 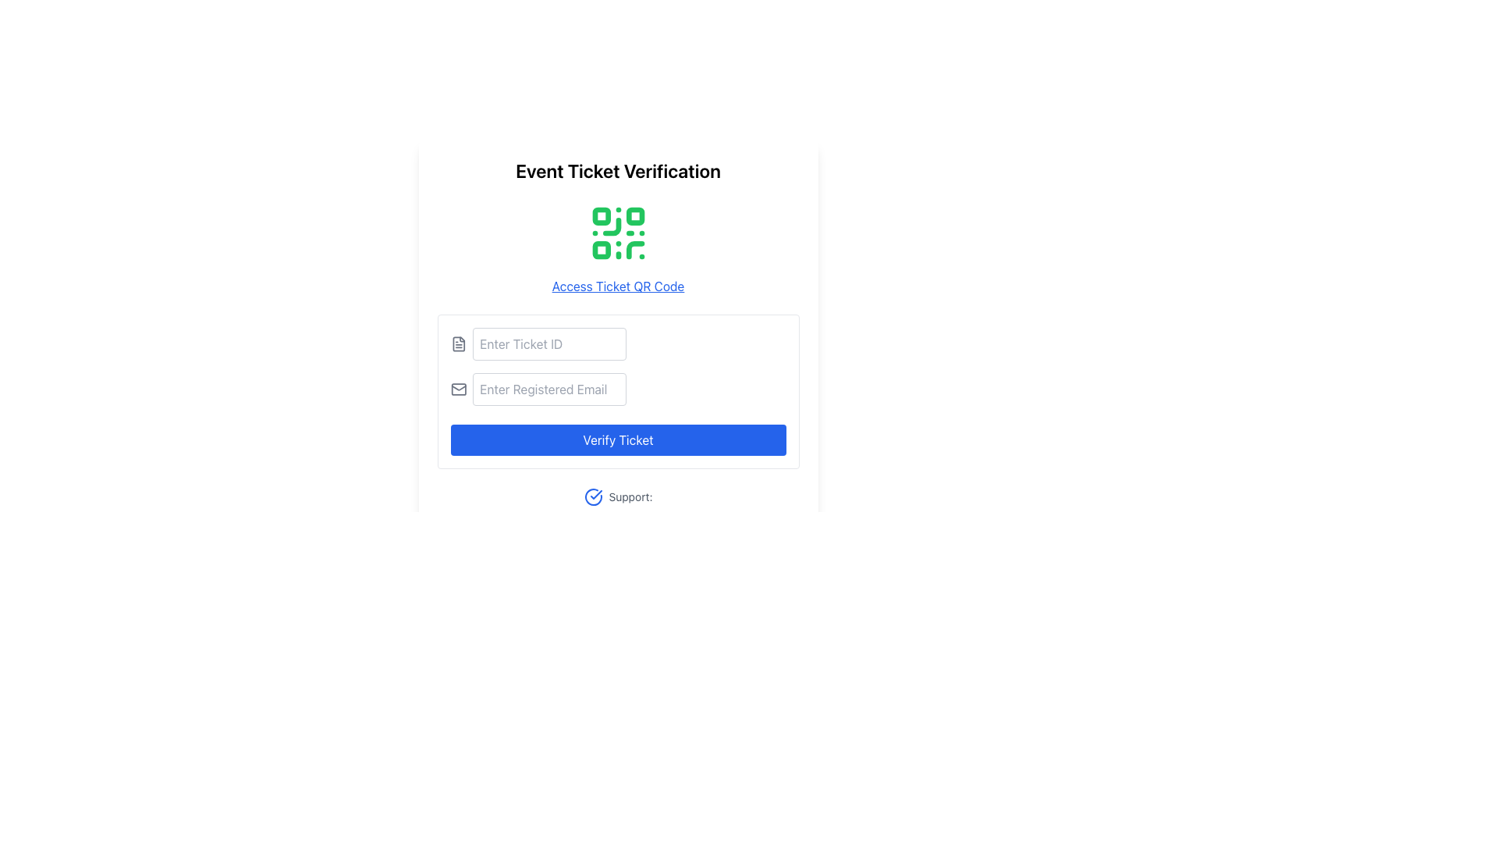 What do you see at coordinates (617, 286) in the screenshot?
I see `the hyperlink styled as blue, underlined text reading 'Access Ticket QR Code'` at bounding box center [617, 286].